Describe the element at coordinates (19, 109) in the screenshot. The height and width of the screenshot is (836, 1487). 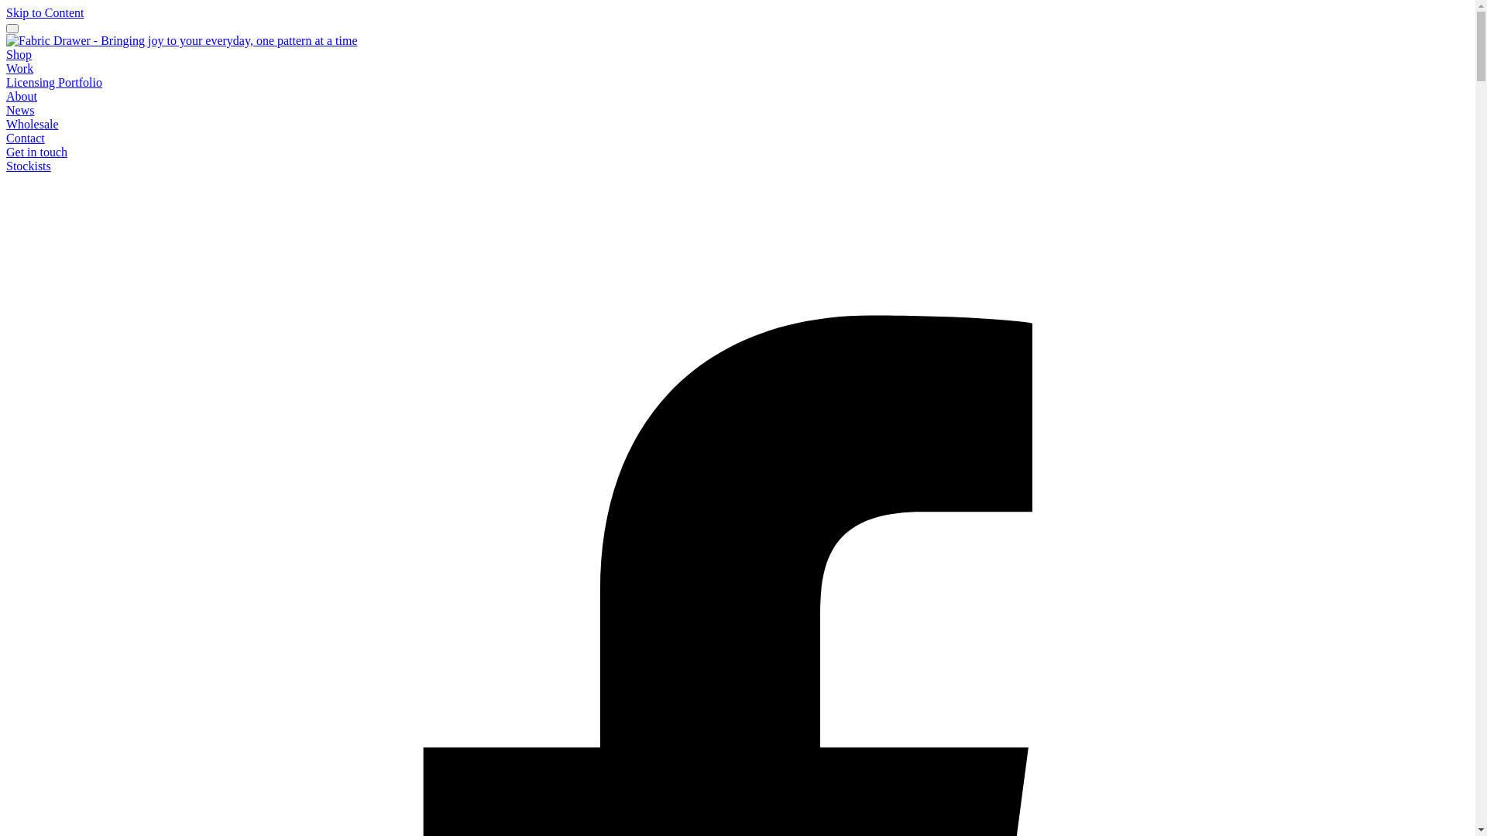
I see `'News'` at that location.